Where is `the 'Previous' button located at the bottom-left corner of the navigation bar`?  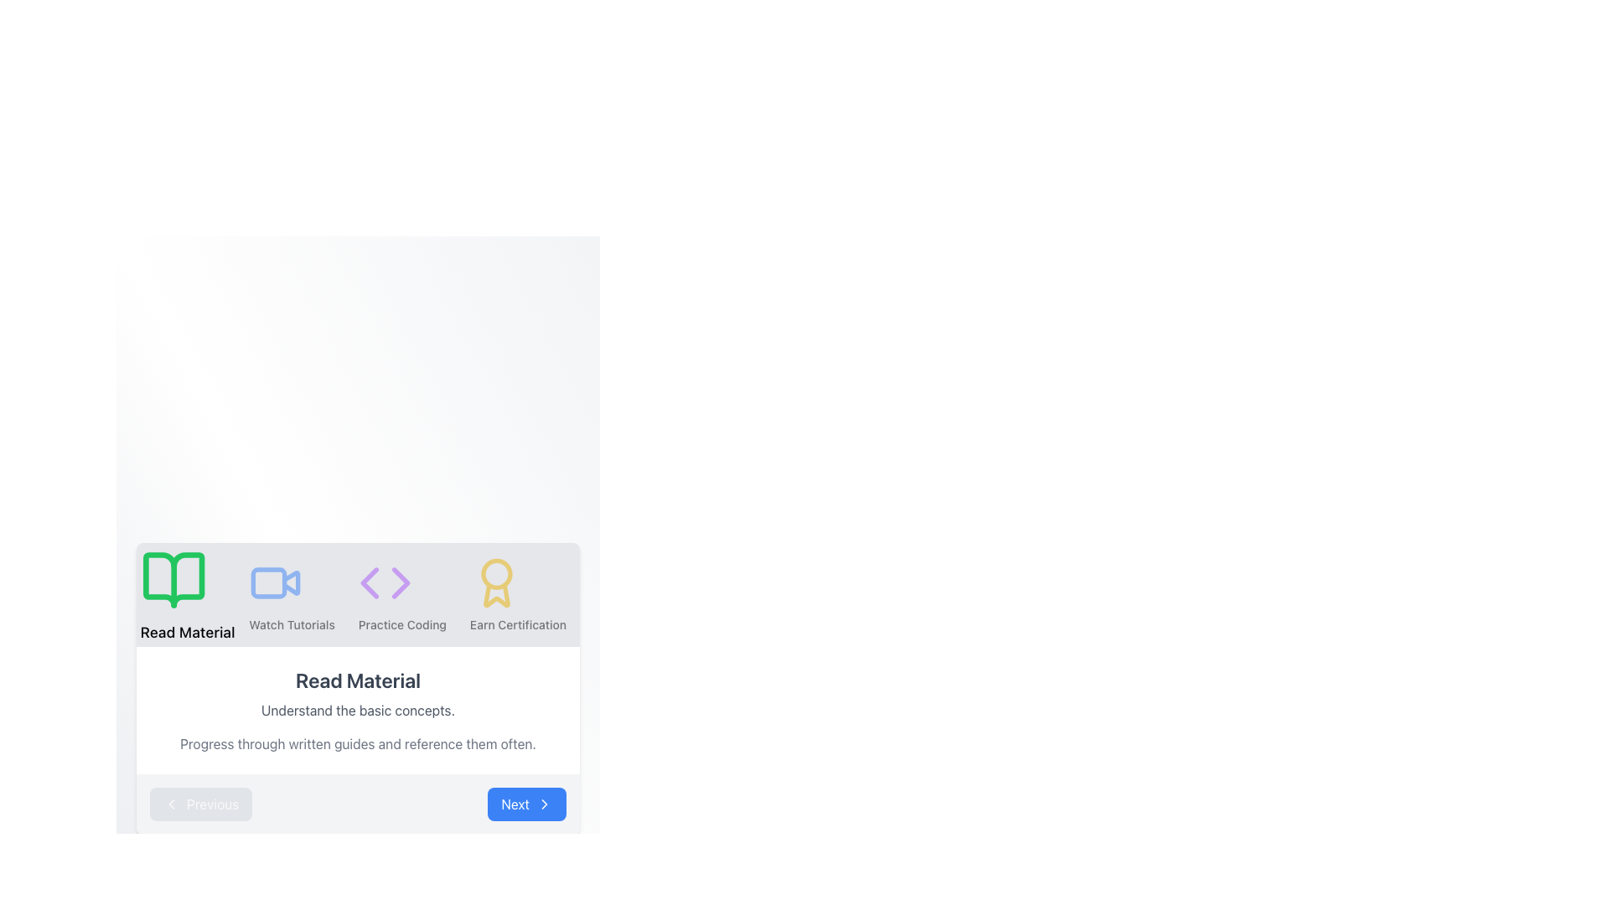
the 'Previous' button located at the bottom-left corner of the navigation bar is located at coordinates (201, 804).